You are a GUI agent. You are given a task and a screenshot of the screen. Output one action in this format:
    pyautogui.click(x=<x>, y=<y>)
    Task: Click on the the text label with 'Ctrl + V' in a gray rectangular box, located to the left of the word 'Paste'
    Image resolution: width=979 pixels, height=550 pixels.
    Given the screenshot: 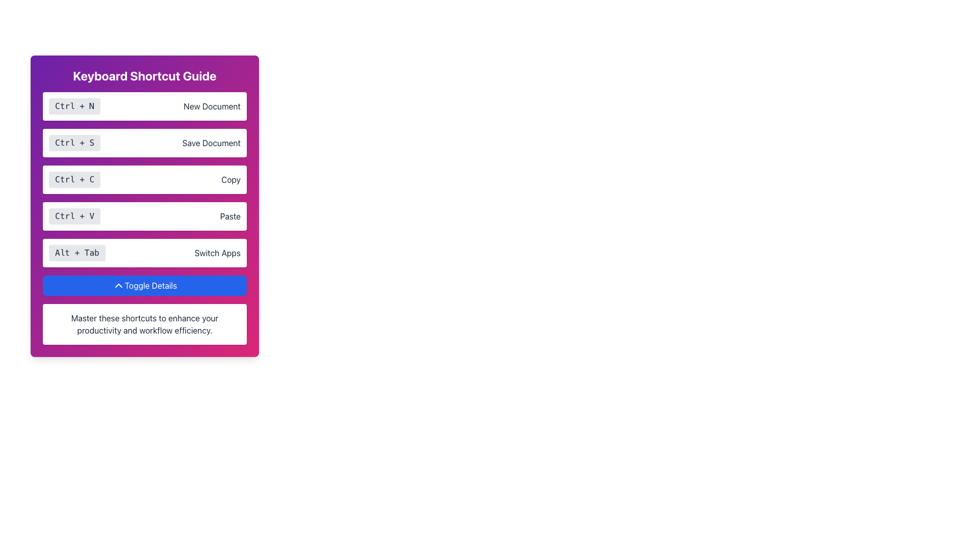 What is the action you would take?
    pyautogui.click(x=74, y=215)
    